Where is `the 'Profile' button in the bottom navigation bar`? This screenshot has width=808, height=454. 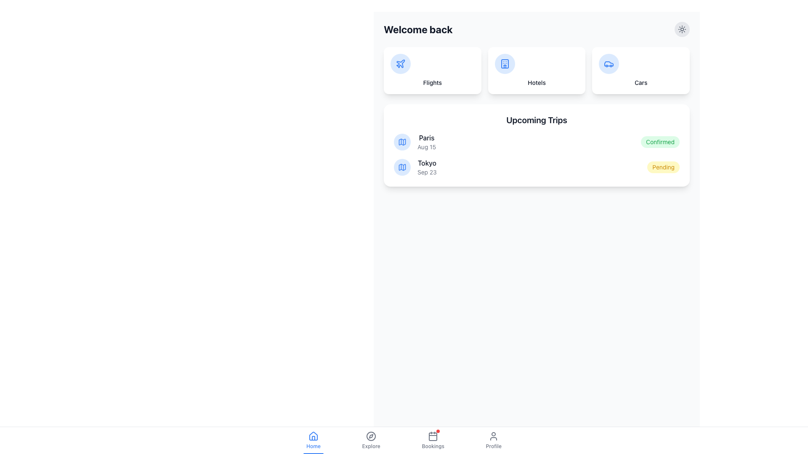
the 'Profile' button in the bottom navigation bar is located at coordinates (494, 440).